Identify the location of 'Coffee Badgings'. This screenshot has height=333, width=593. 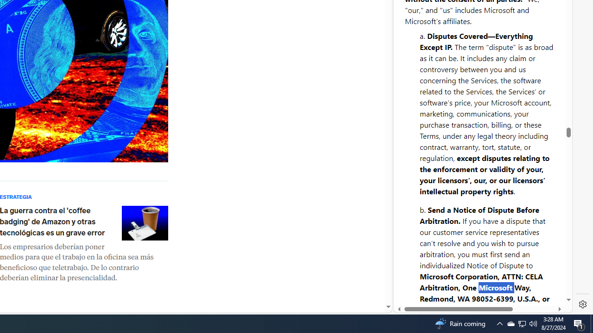
(144, 223).